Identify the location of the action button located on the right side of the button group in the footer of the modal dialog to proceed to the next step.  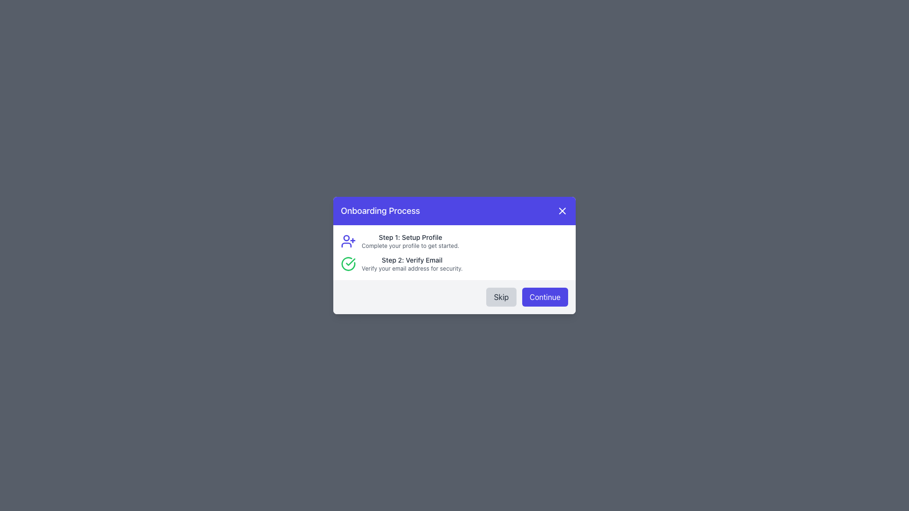
(545, 297).